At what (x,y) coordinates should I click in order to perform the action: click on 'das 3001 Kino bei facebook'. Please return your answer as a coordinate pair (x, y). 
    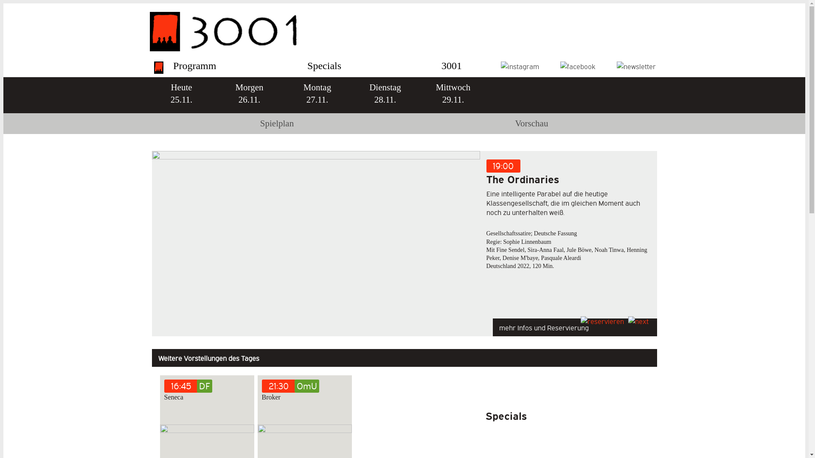
    Looking at the image, I should click on (577, 65).